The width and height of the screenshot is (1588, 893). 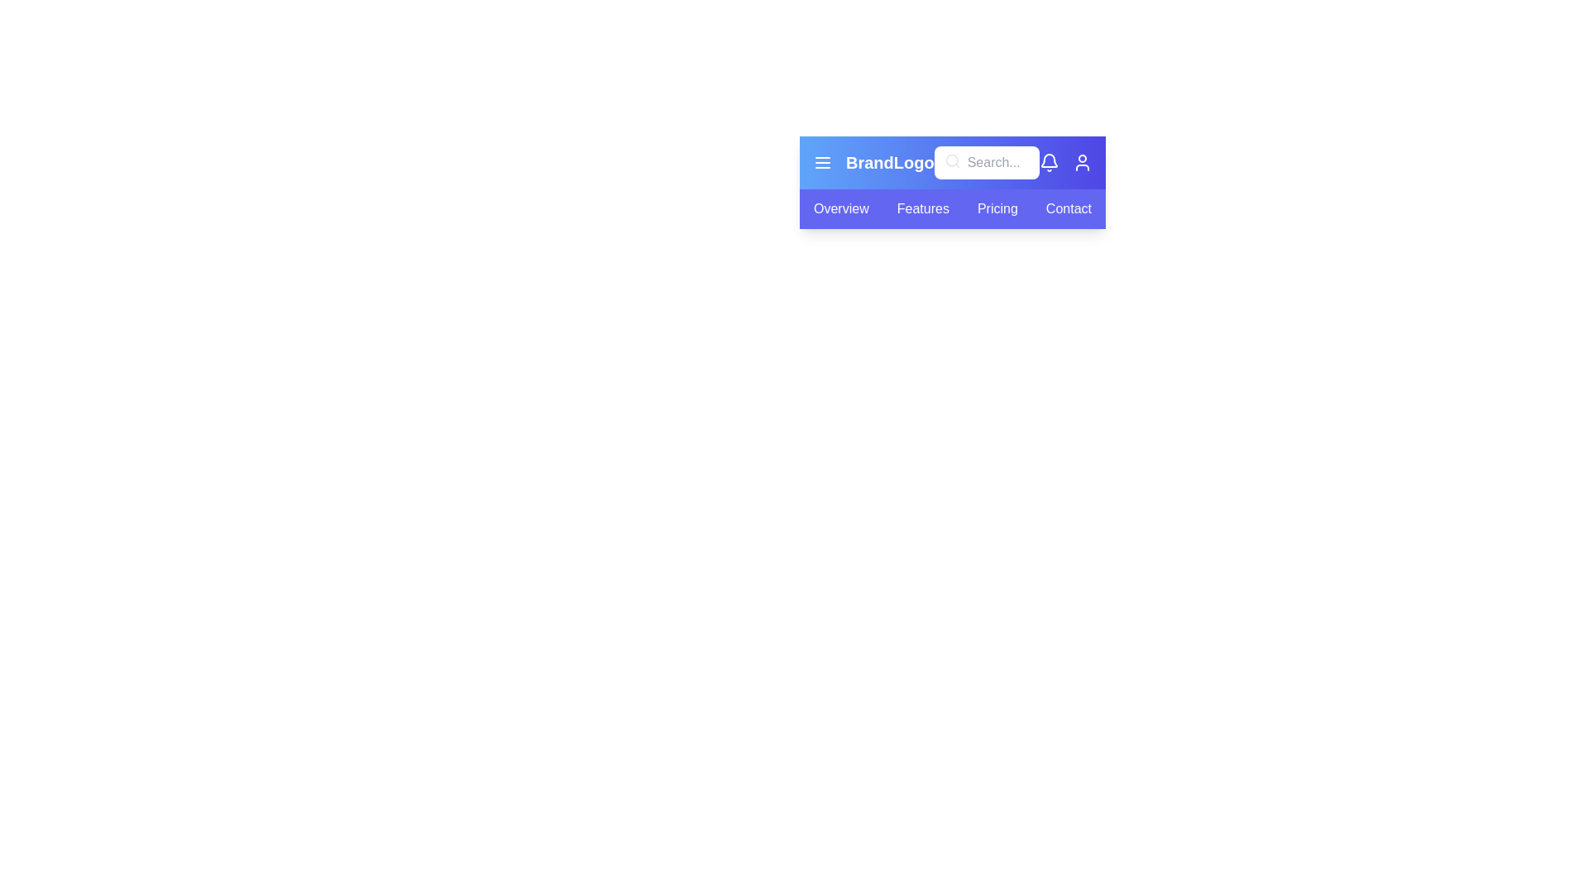 What do you see at coordinates (1083, 162) in the screenshot?
I see `the user profile icon to access user settings` at bounding box center [1083, 162].